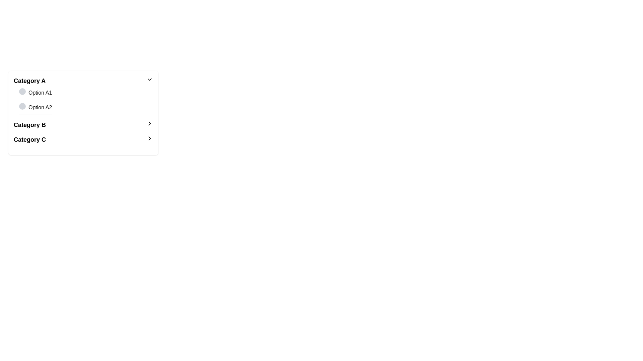  I want to click on the radio button labeled 'Option A2', so click(35, 109).